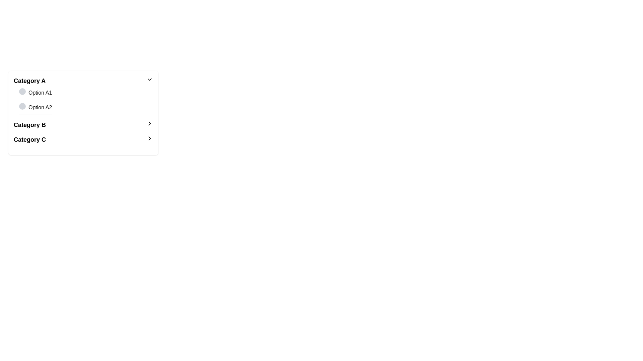  I want to click on the radio button labeled 'Option A2', so click(35, 109).